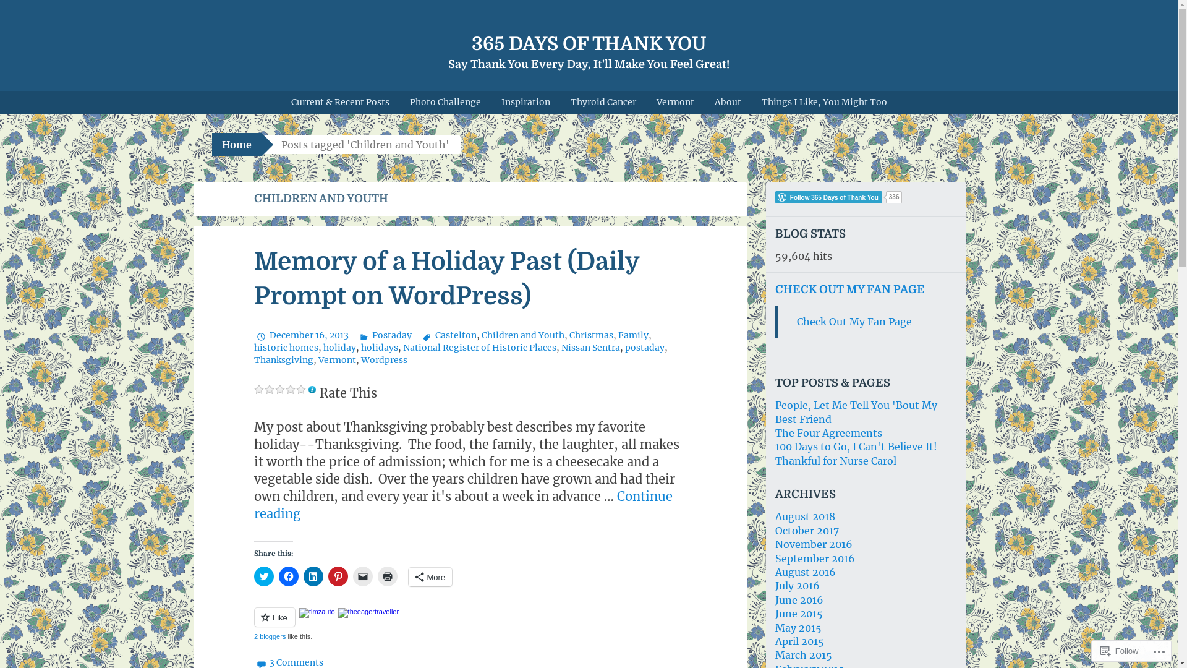 The height and width of the screenshot is (668, 1187). I want to click on 'Wordpress', so click(360, 360).